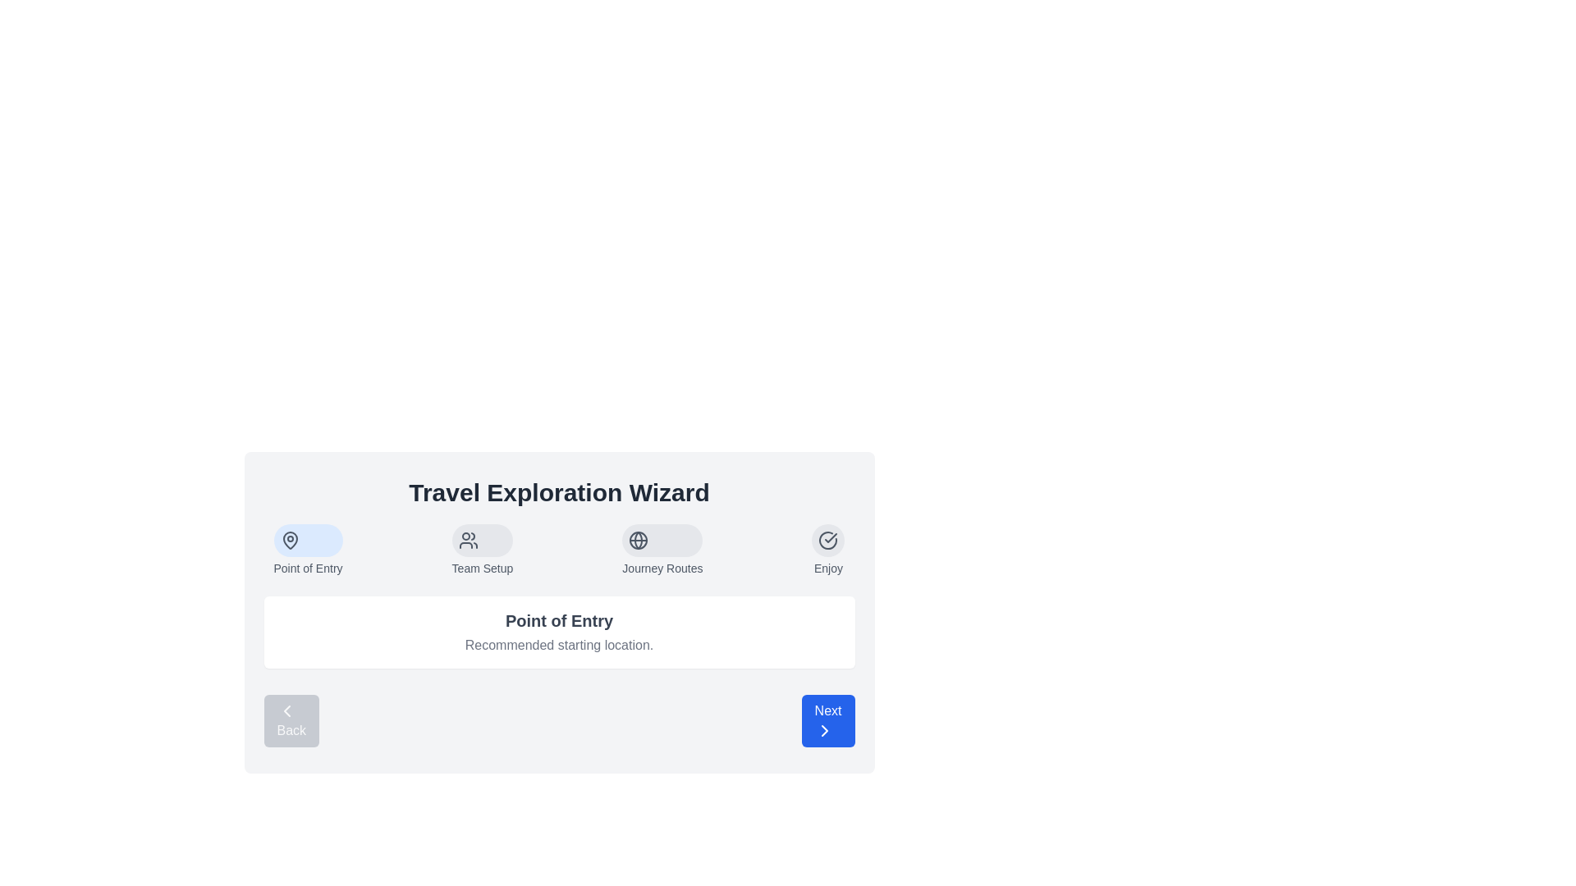 Image resolution: width=1576 pixels, height=886 pixels. Describe the element at coordinates (638, 541) in the screenshot. I see `the leftmost icon representing the 'Journey Routes' phase of the Travel Exploration Wizard interface` at that location.